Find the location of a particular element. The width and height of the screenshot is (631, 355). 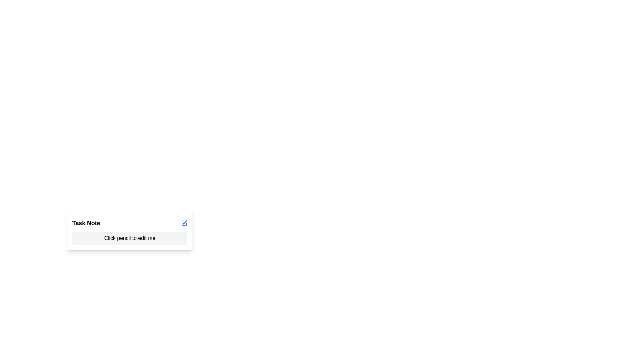

the square icon representation within the SVG component located near the top-right of the 'Task Note' card is located at coordinates (184, 223).